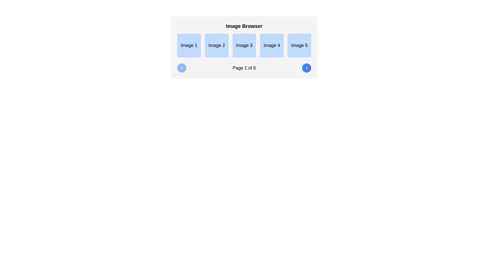  Describe the element at coordinates (306, 67) in the screenshot. I see `the right-facing chevron SVG icon located within a circular button at the bottom-right corner of the main interface` at that location.